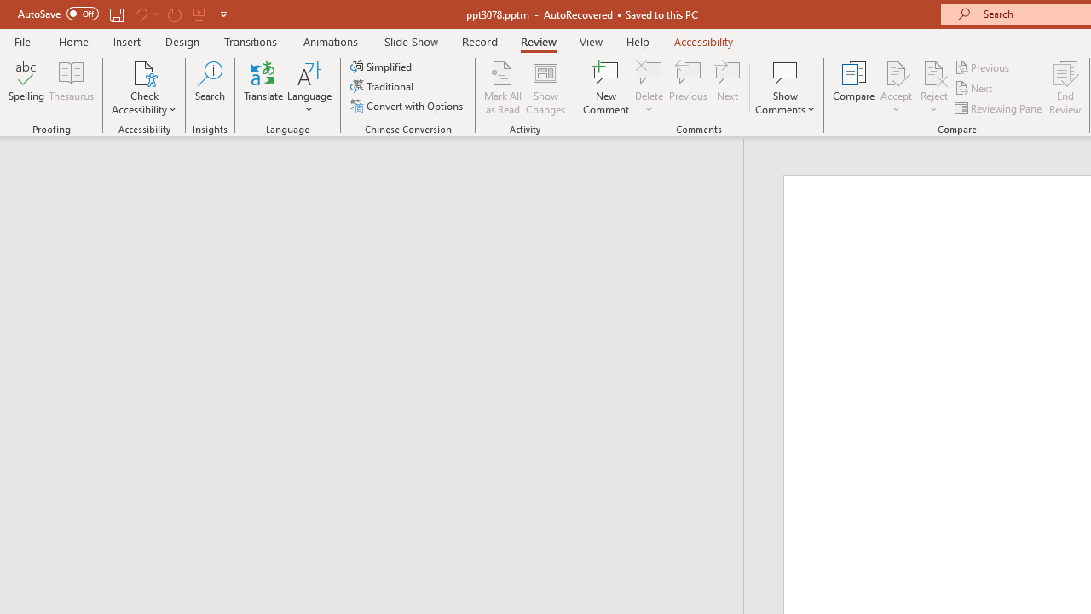 The width and height of the screenshot is (1091, 614). I want to click on 'Mark All as Read', so click(502, 88).